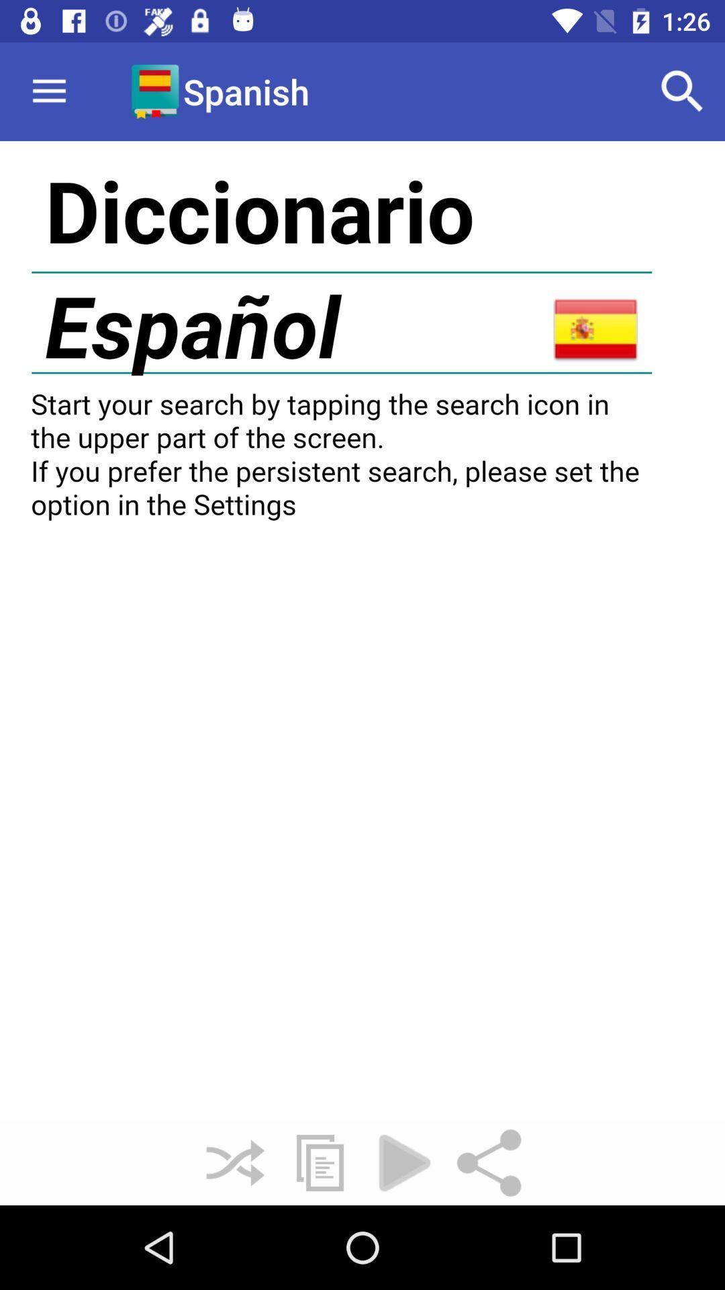  What do you see at coordinates (489, 1162) in the screenshot?
I see `the share icon` at bounding box center [489, 1162].